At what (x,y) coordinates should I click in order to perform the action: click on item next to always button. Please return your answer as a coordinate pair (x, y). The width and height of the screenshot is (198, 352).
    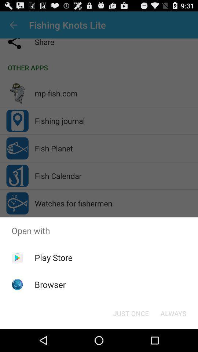
    Looking at the image, I should click on (131, 313).